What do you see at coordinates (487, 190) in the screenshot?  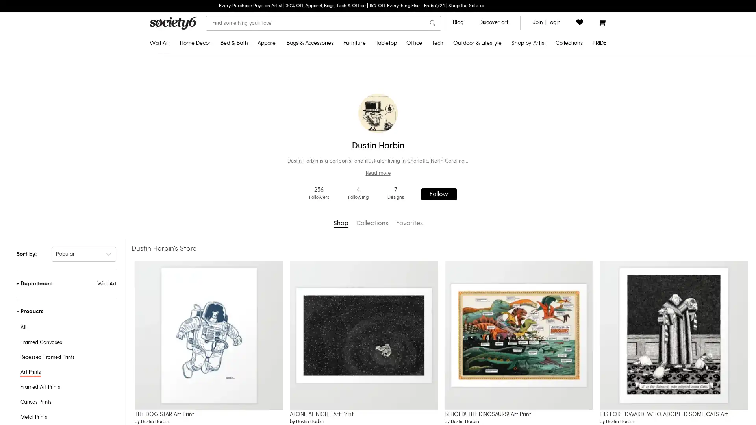 I see `Picnic Blankets` at bounding box center [487, 190].